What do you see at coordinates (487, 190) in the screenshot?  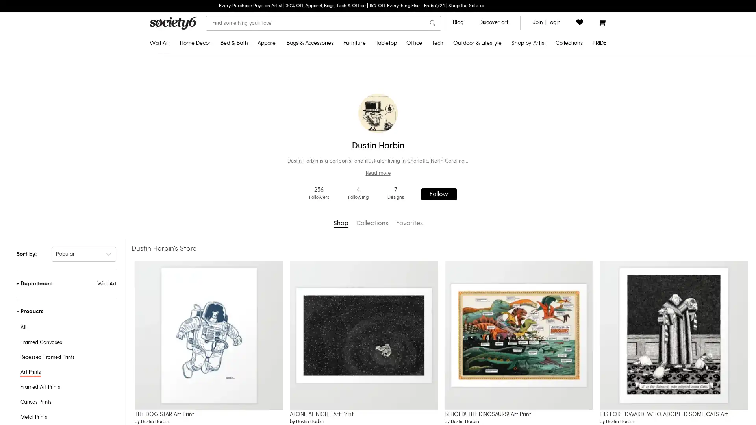 I see `Picnic Blankets` at bounding box center [487, 190].